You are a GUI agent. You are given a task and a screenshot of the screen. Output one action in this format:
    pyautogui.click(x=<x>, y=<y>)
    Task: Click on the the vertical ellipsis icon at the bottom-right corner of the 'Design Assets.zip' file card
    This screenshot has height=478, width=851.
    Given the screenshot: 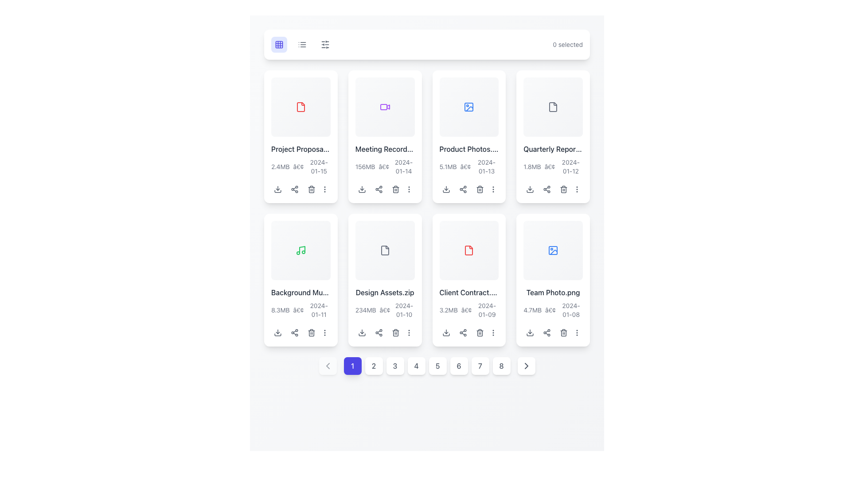 What is the action you would take?
    pyautogui.click(x=408, y=332)
    